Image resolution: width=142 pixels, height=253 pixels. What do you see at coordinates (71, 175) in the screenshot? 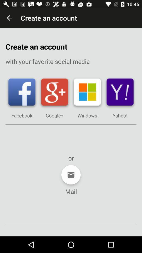
I see `the email icon` at bounding box center [71, 175].